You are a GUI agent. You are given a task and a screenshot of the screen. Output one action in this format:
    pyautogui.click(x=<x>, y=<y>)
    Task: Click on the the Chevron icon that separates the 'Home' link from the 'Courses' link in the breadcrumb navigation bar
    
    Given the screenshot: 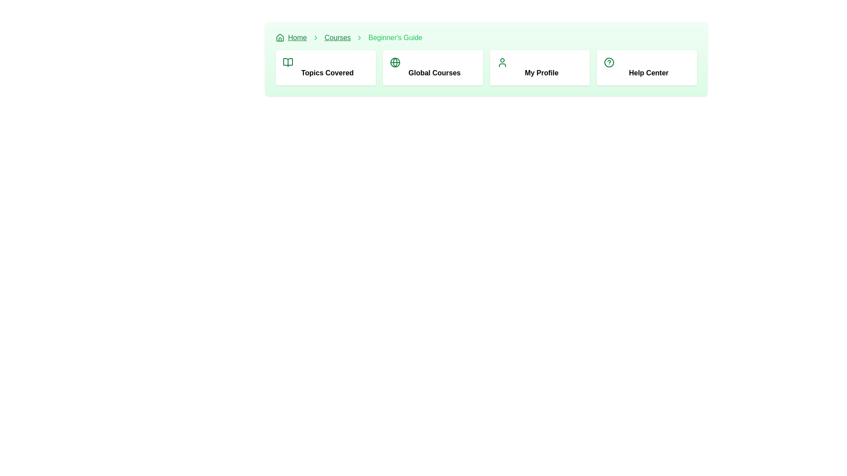 What is the action you would take?
    pyautogui.click(x=315, y=37)
    